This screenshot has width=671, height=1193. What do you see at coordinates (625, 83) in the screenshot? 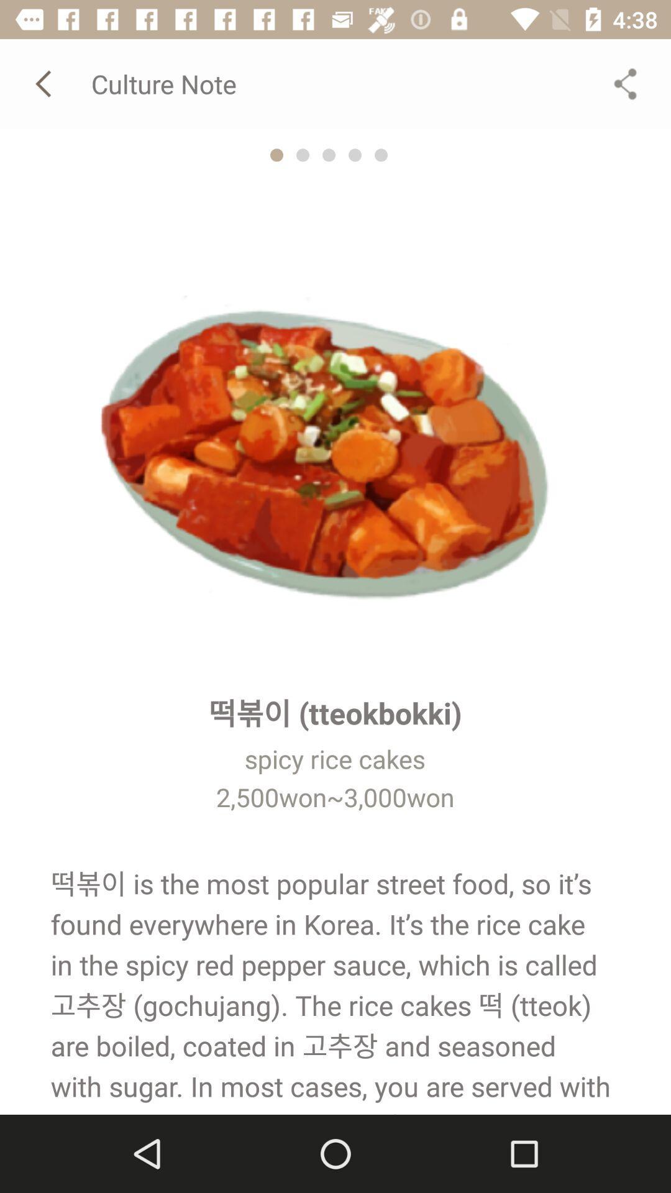
I see `the share icon` at bounding box center [625, 83].